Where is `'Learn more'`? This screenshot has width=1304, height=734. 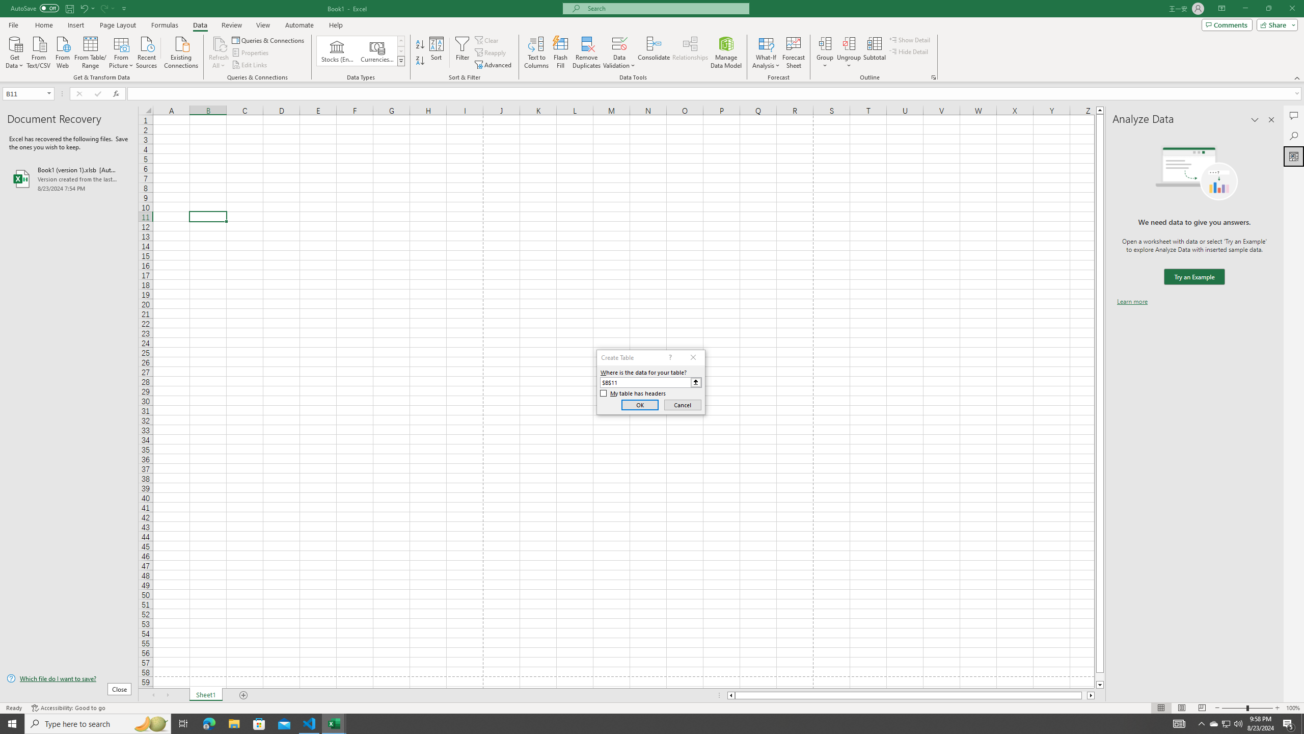
'Learn more' is located at coordinates (1132, 301).